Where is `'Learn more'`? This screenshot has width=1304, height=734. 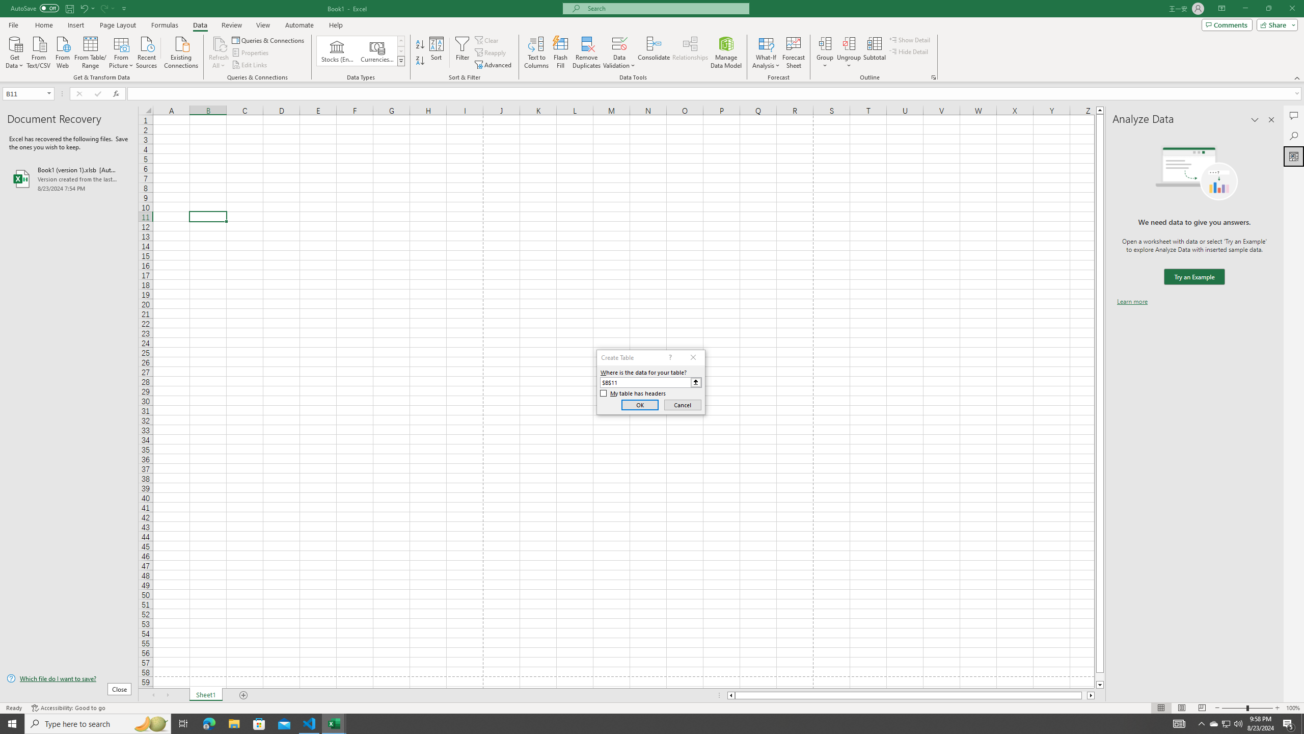
'Learn more' is located at coordinates (1132, 301).